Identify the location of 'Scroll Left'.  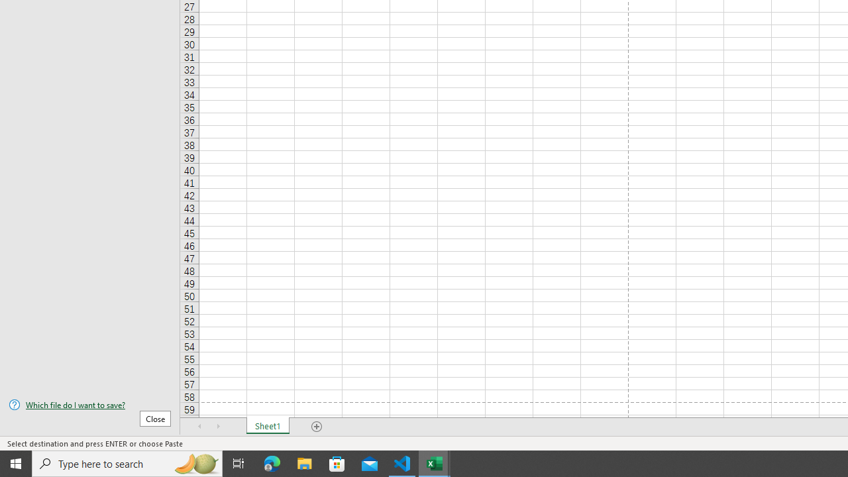
(199, 427).